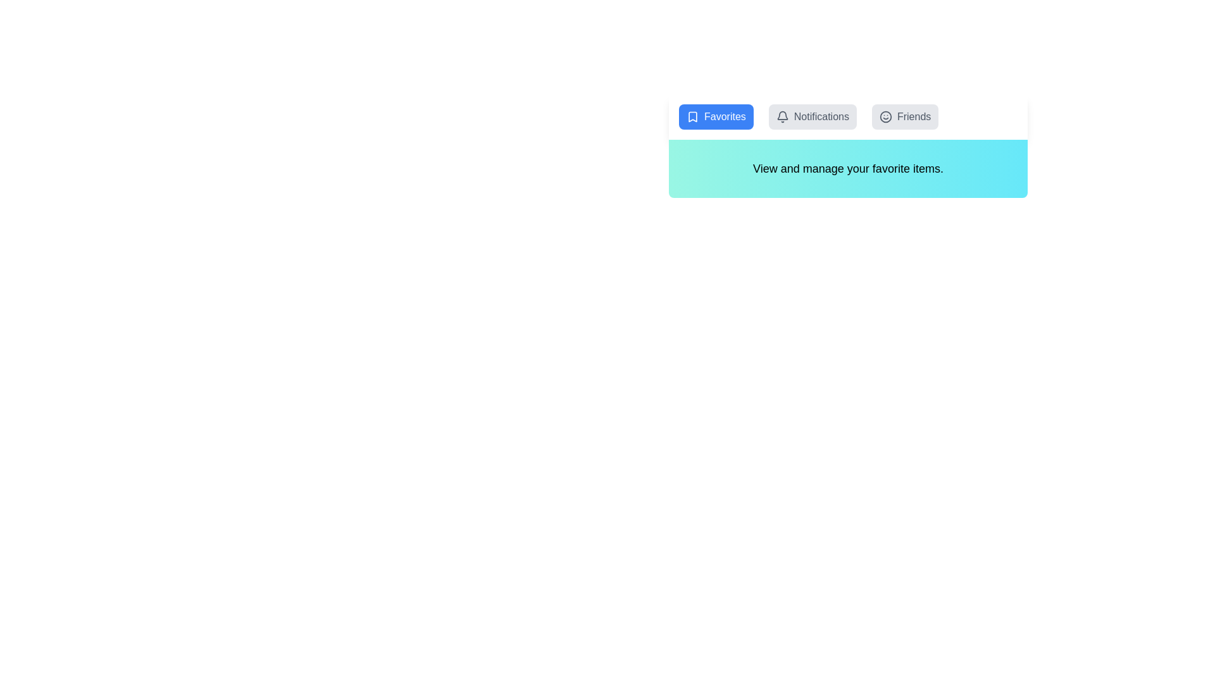 The width and height of the screenshot is (1215, 683). I want to click on the Favorites tab to switch views, so click(716, 117).